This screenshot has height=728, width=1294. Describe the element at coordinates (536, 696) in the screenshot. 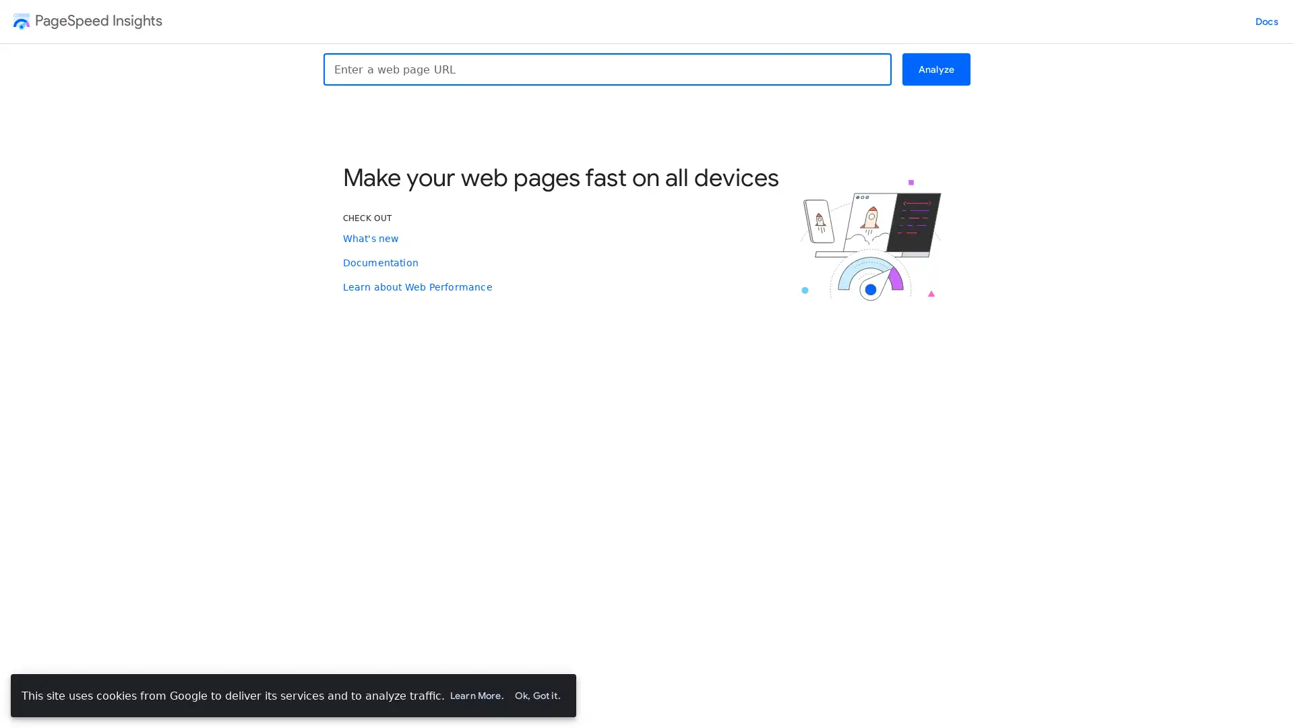

I see `Ok, Got it.` at that location.